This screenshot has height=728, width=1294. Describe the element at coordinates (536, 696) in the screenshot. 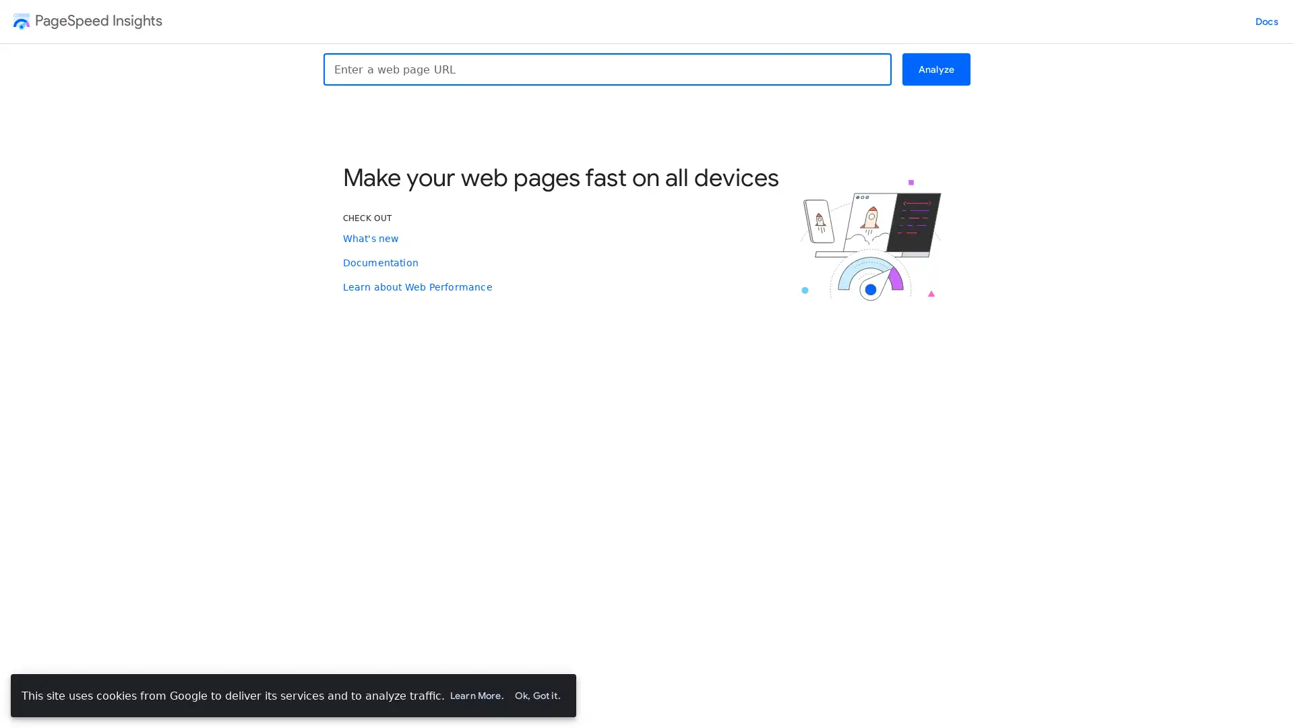

I see `Ok, Got it.` at that location.